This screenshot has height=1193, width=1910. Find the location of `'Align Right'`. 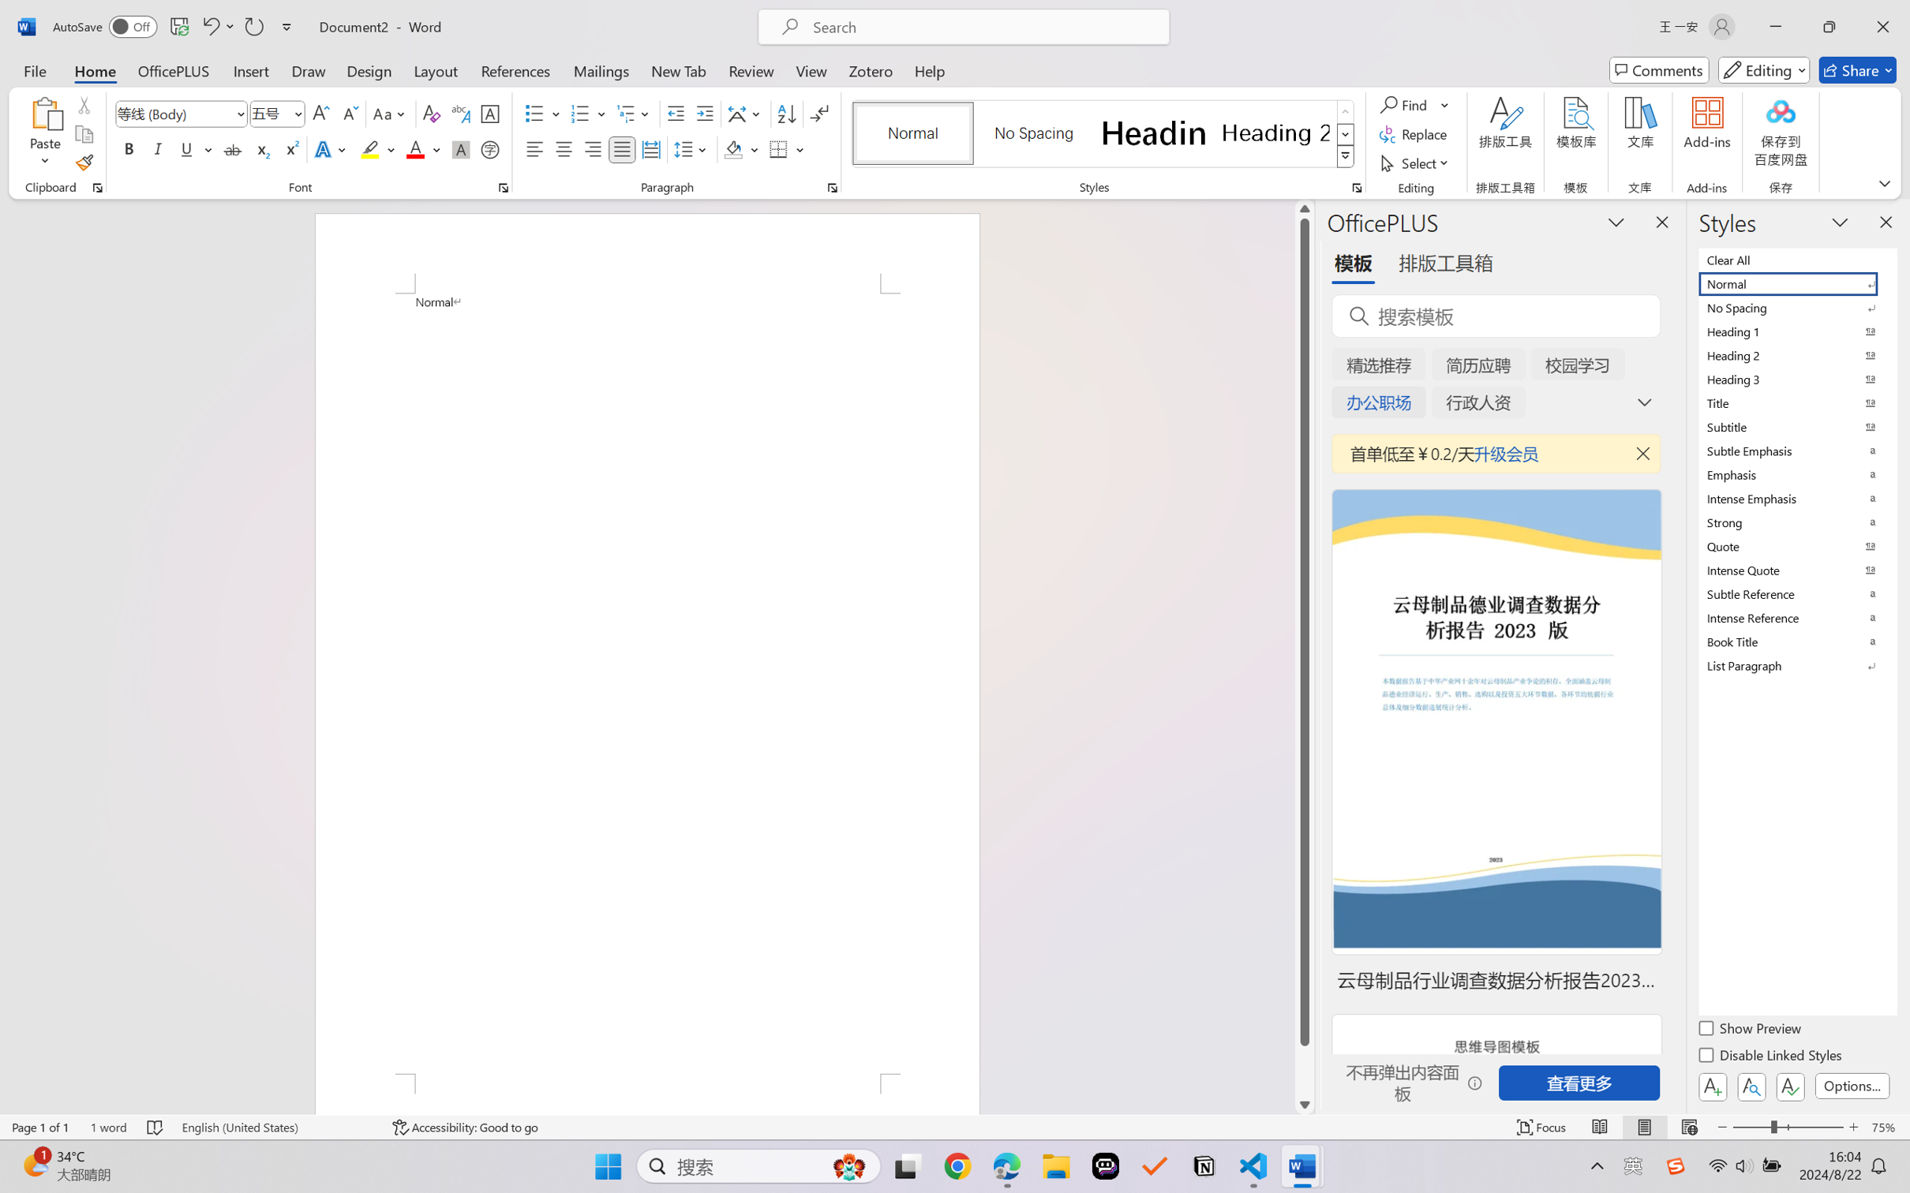

'Align Right' is located at coordinates (594, 148).